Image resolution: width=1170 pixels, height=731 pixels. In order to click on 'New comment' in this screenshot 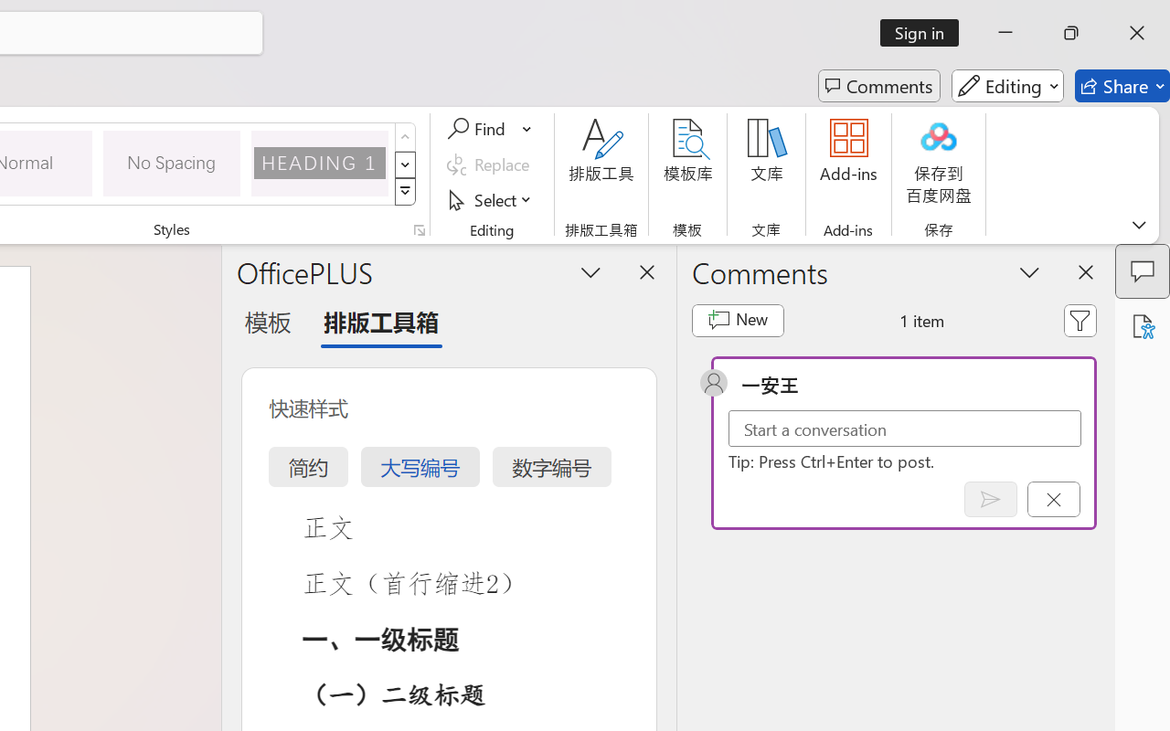, I will do `click(738, 320)`.